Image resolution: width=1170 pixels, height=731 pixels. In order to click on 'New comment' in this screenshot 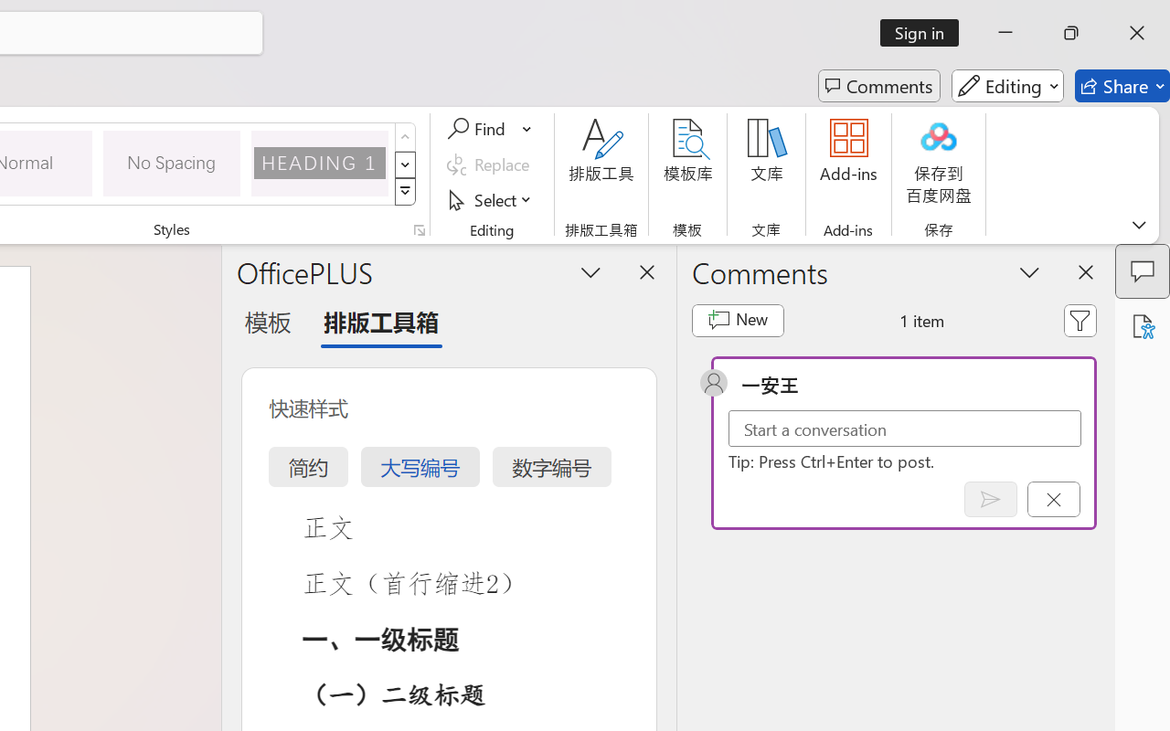, I will do `click(738, 320)`.